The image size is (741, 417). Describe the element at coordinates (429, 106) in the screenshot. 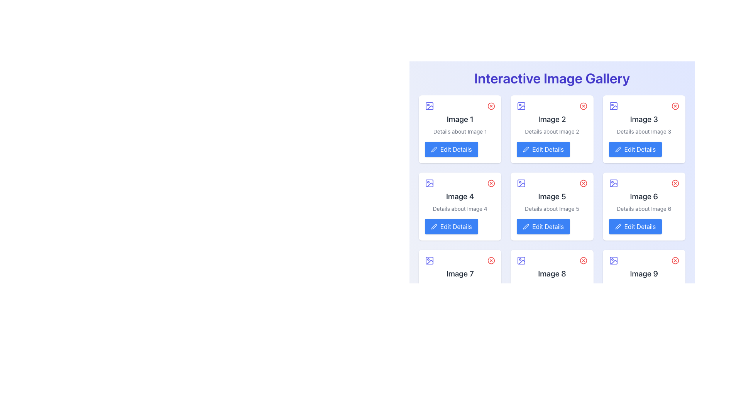

I see `the decorative icon located in the top-left corner of the card labeled 'Image 1' in the grid layout` at that location.